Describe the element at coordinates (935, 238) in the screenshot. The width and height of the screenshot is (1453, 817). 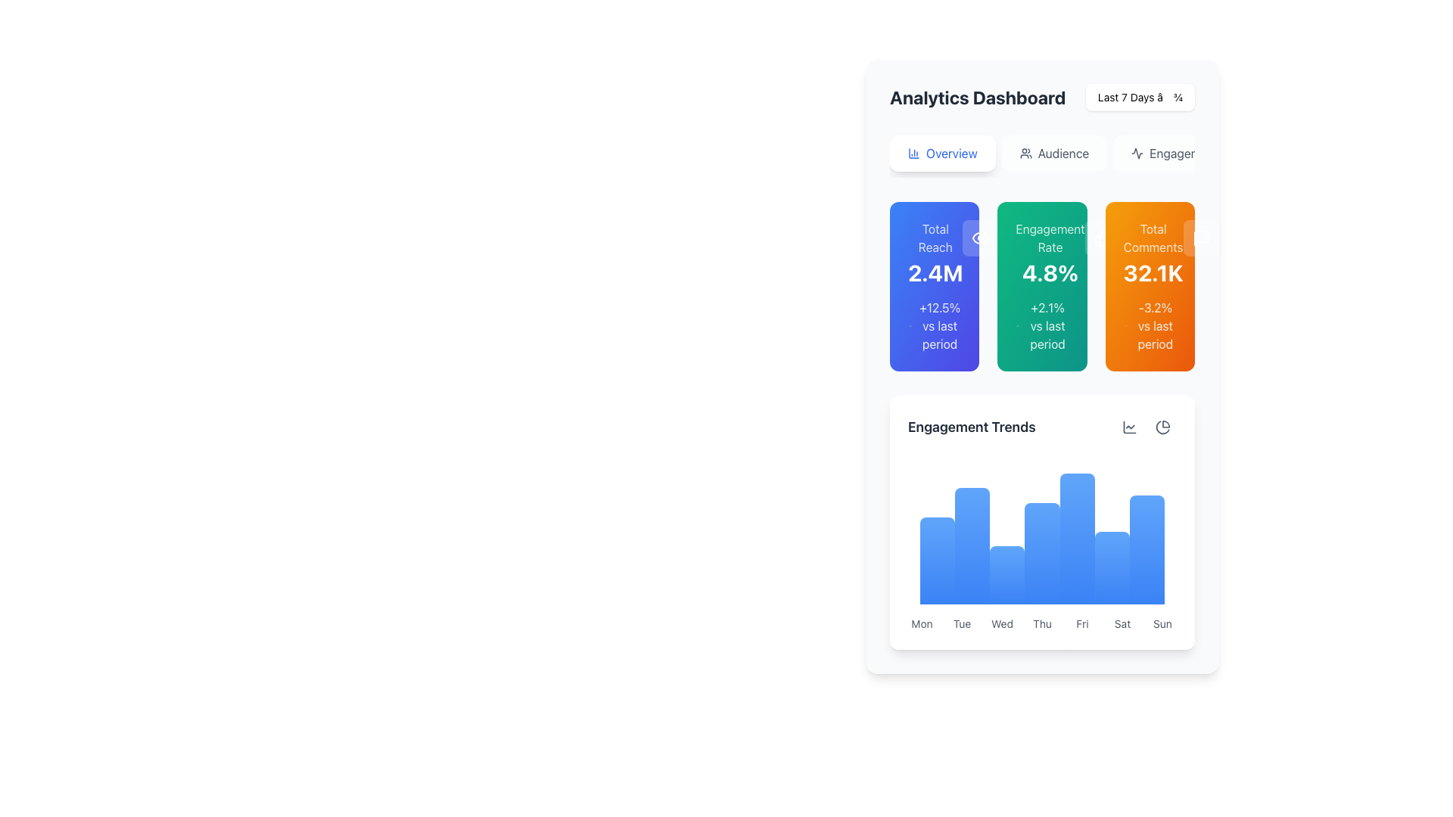
I see `the descriptive text label that indicates the metric represented in the blue panel, positioned above the numerical value '2.4M'` at that location.